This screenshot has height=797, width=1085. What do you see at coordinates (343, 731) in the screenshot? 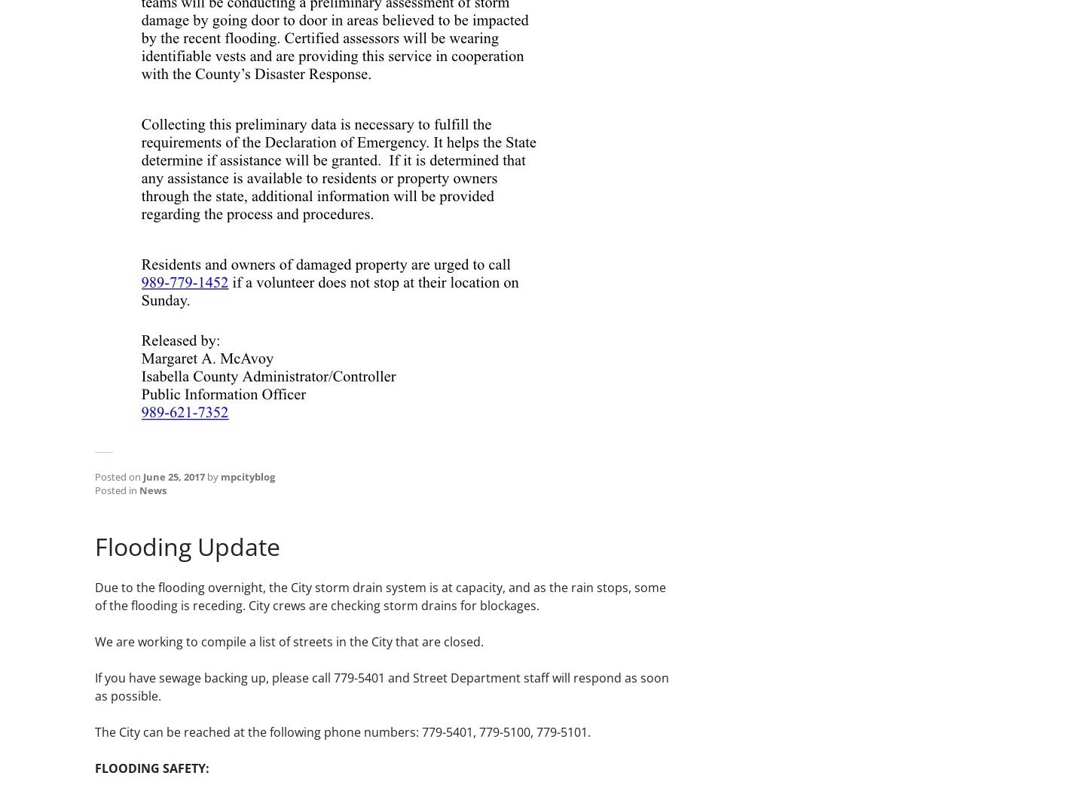
I see `'The City can be reached at the following phone numbers: 779-5401, 779-5100, 779-5101.'` at bounding box center [343, 731].